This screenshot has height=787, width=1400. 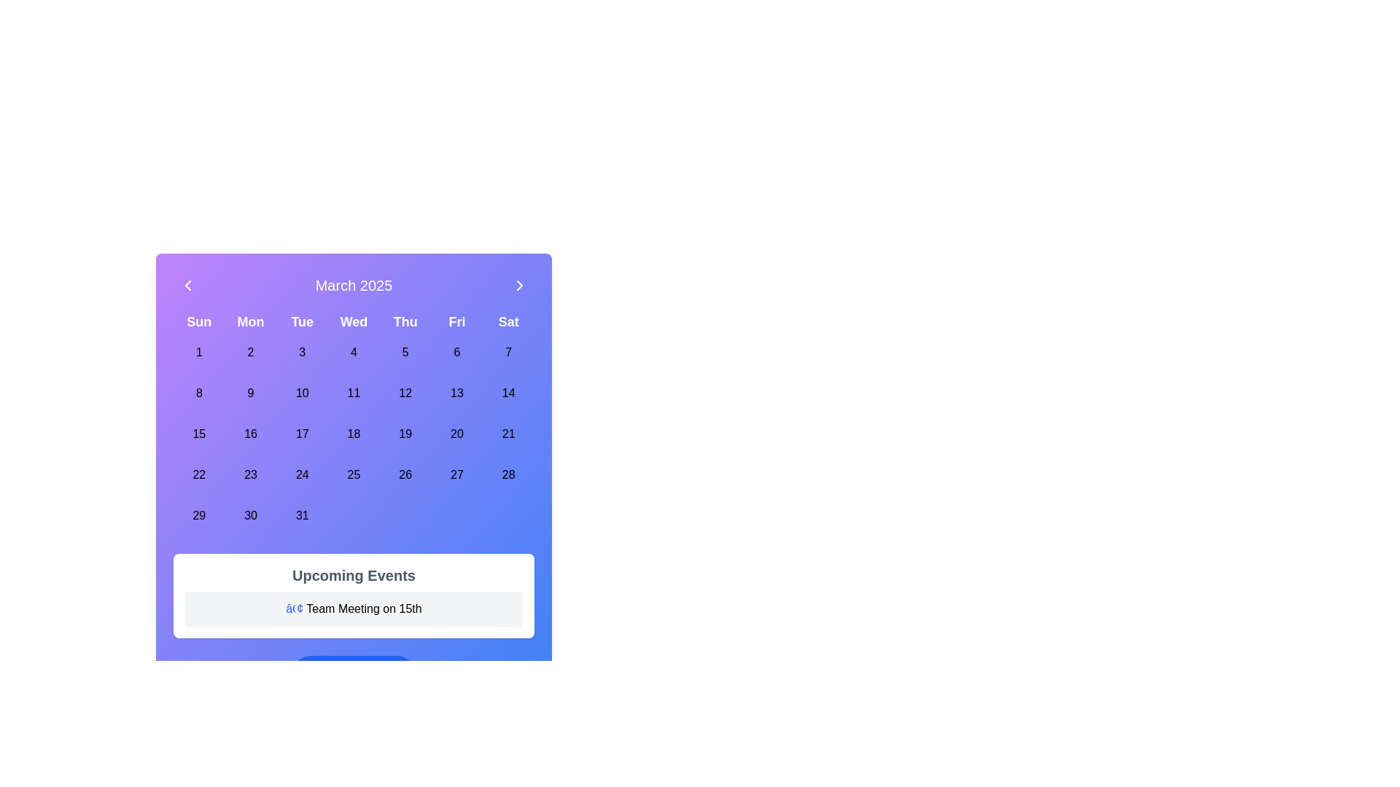 I want to click on the circular button labeled '22' in the calendar grid, so click(x=198, y=474).